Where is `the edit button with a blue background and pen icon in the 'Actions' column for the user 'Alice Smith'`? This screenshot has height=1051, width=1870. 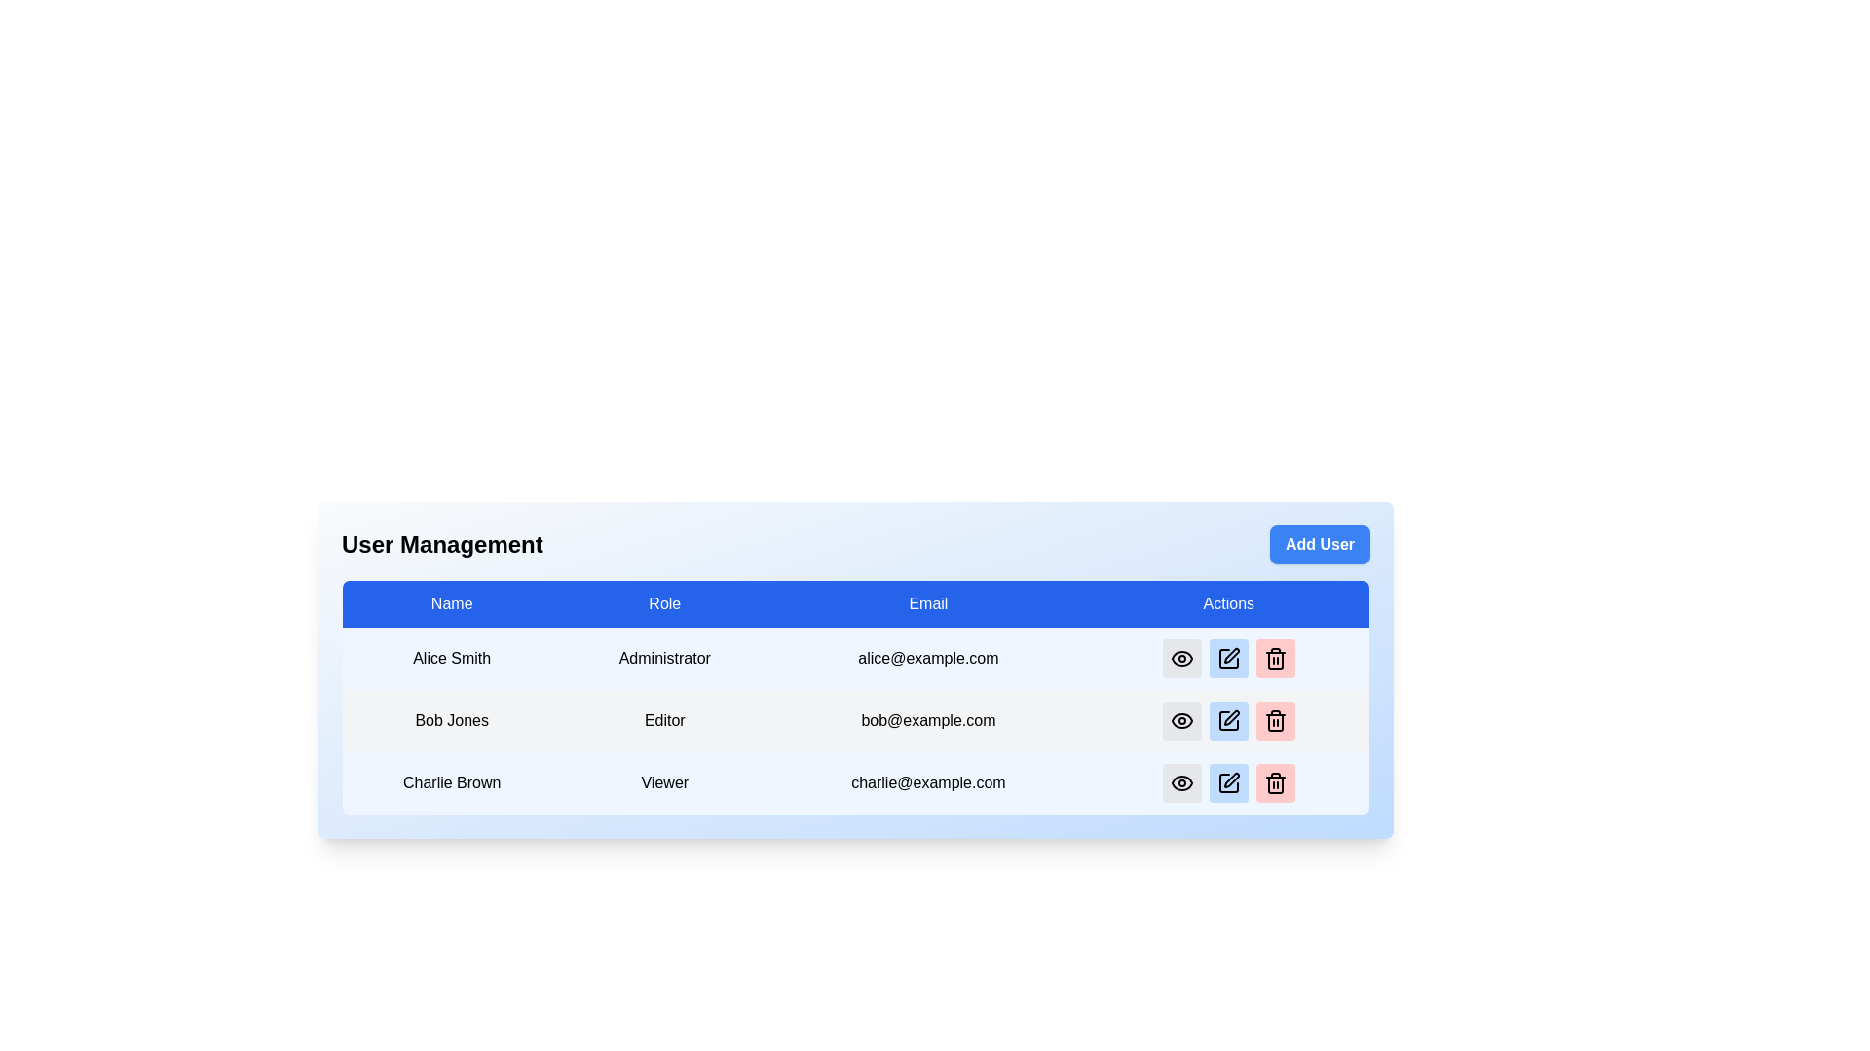
the edit button with a blue background and pen icon in the 'Actions' column for the user 'Alice Smith' is located at coordinates (1228, 658).